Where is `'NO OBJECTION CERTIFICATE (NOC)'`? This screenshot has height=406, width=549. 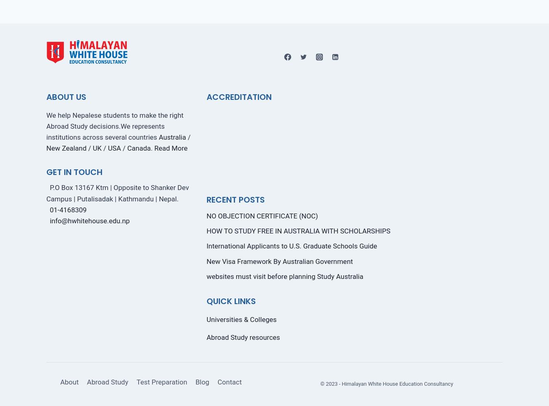
'NO OBJECTION CERTIFICATE (NOC)' is located at coordinates (262, 216).